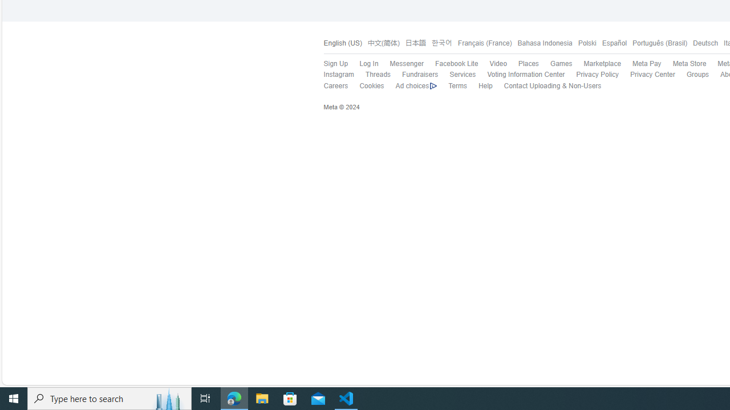 The width and height of the screenshot is (730, 410). Describe the element at coordinates (702, 43) in the screenshot. I see `'Deutsch'` at that location.